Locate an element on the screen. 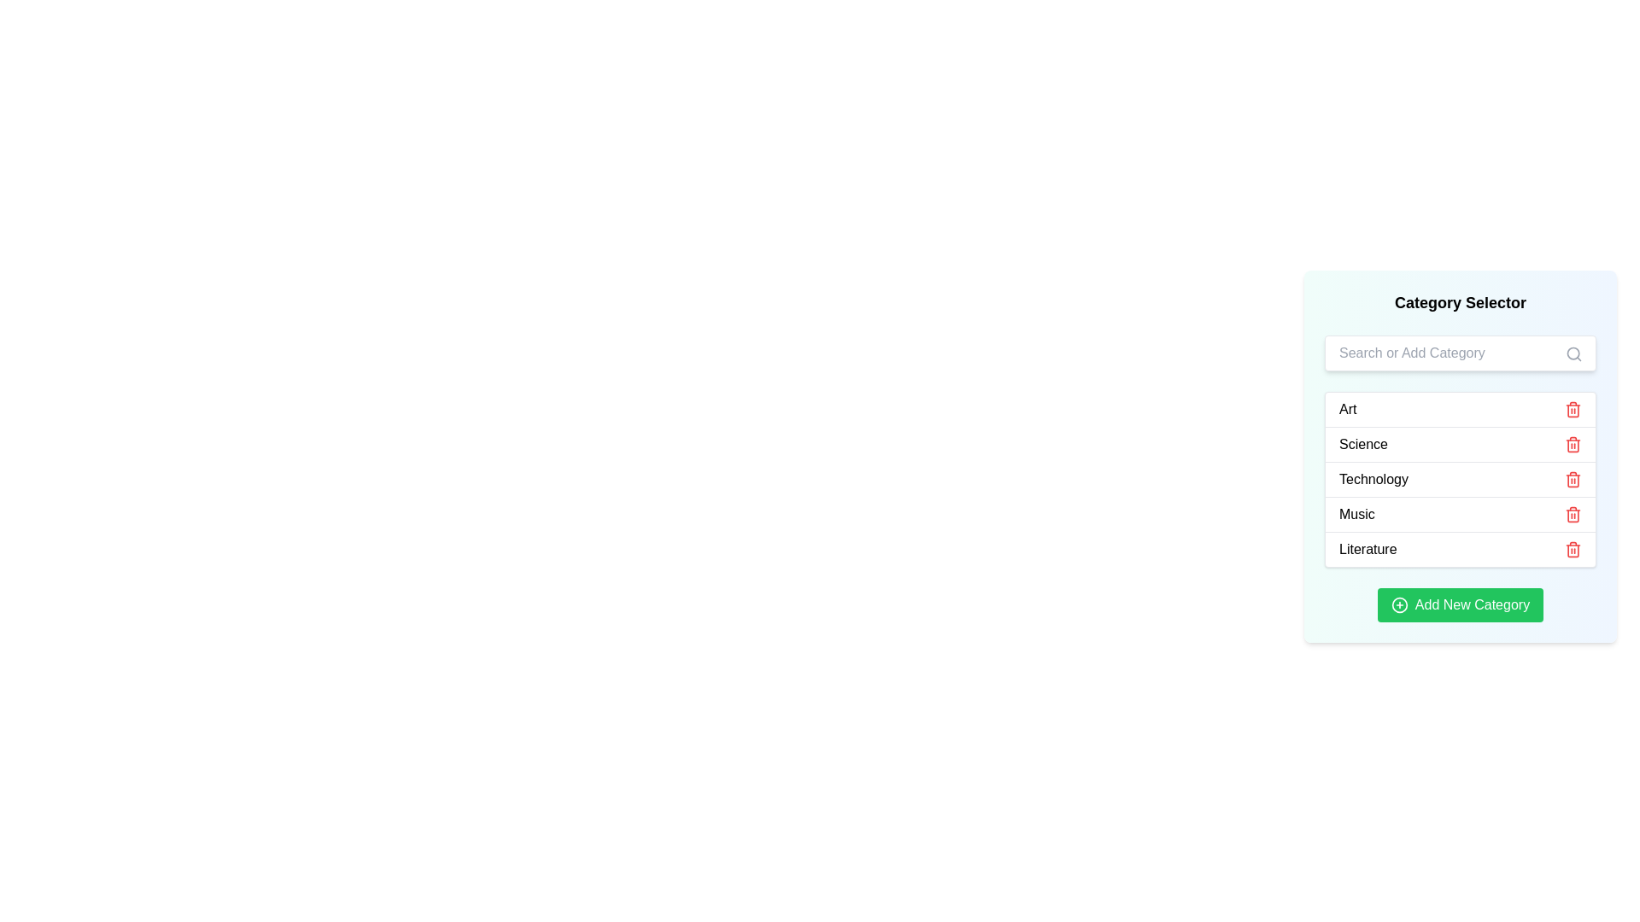  the second trash can icon button is located at coordinates (1573, 443).